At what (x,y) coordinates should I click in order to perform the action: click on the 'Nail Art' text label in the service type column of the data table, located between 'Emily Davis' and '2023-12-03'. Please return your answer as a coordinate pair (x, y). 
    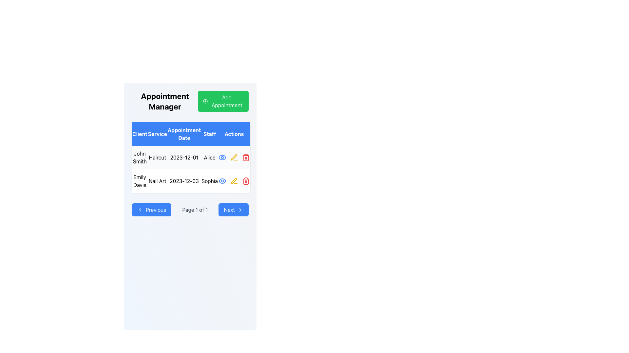
    Looking at the image, I should click on (157, 181).